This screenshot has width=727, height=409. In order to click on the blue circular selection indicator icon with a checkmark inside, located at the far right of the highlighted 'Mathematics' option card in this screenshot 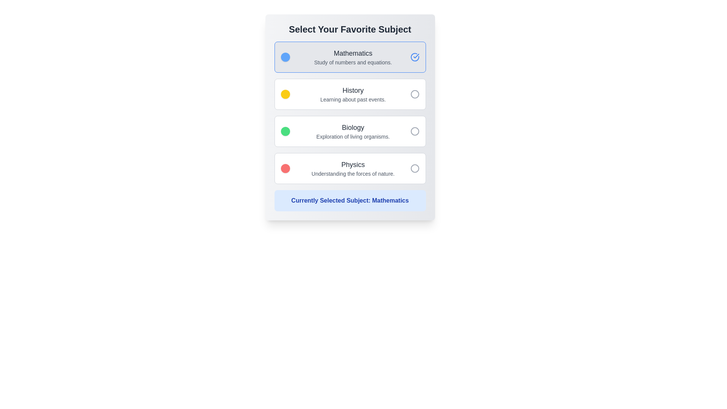, I will do `click(414, 56)`.